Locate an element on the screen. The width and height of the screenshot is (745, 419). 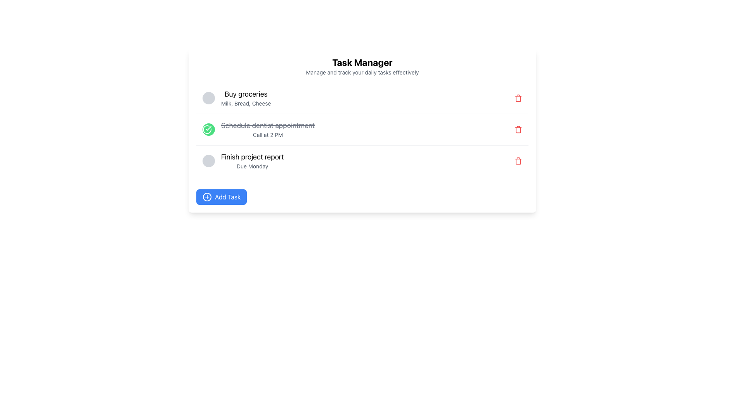
the '+' icon component of the SVG-based icon that symbolizes adding a new task, located to the left of the 'Add Task' button is located at coordinates (207, 197).